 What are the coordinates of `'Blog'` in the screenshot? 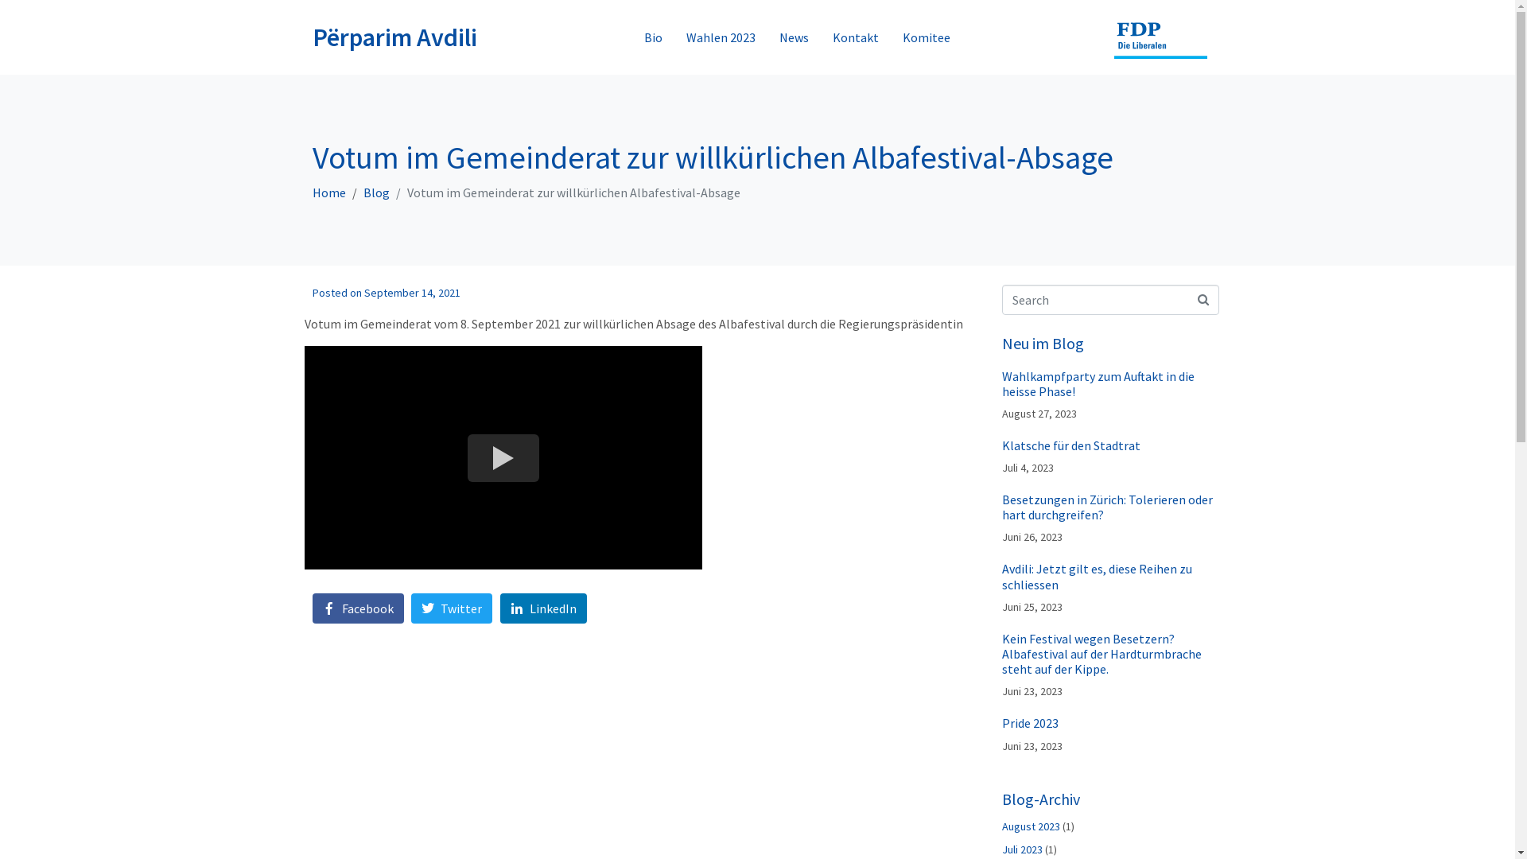 It's located at (375, 192).